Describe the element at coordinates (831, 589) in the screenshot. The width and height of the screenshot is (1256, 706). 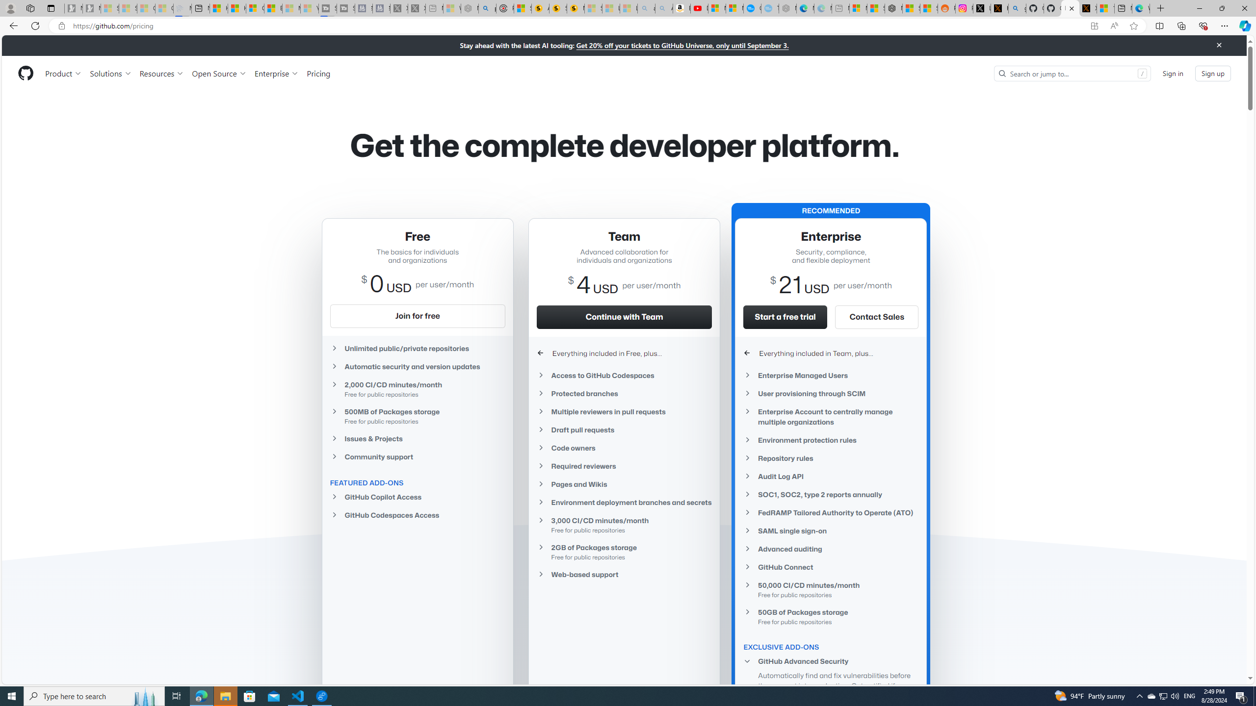
I see `'50,000 CI/CD minutes/month Free for public repositories'` at that location.